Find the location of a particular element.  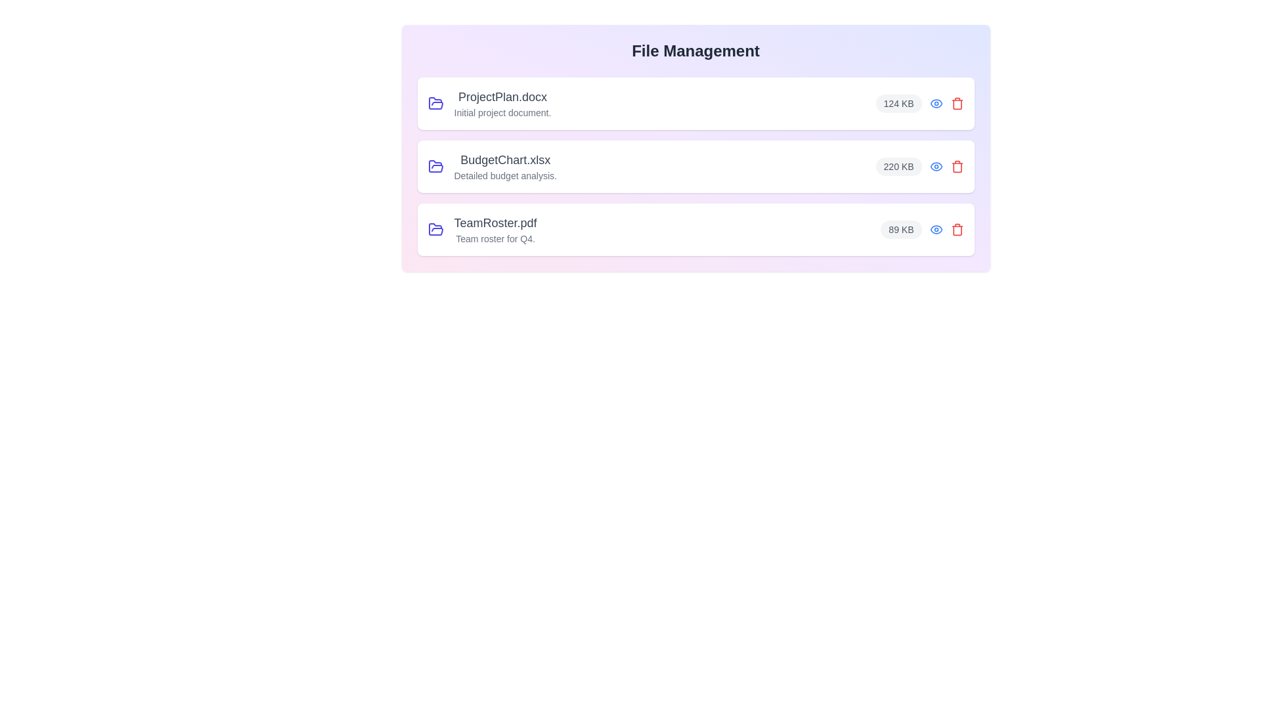

the trash icon to delete the file TeamRoster.pdf is located at coordinates (957, 229).